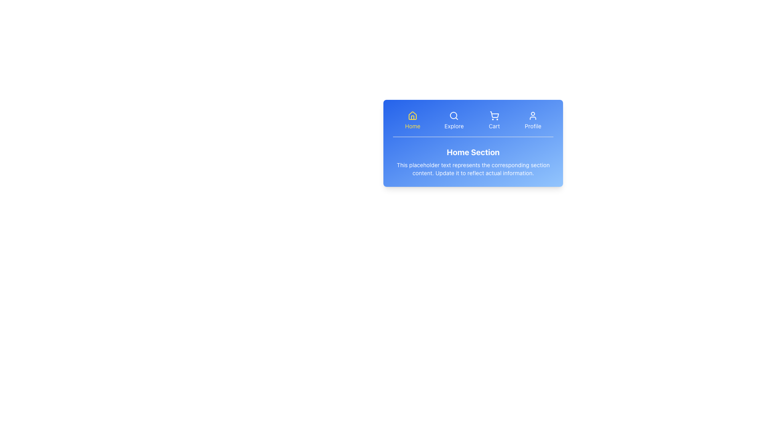 The image size is (770, 433). What do you see at coordinates (494, 116) in the screenshot?
I see `the shopping cart icon located in the center of the 'Cart' tab in the top navigation bar` at bounding box center [494, 116].